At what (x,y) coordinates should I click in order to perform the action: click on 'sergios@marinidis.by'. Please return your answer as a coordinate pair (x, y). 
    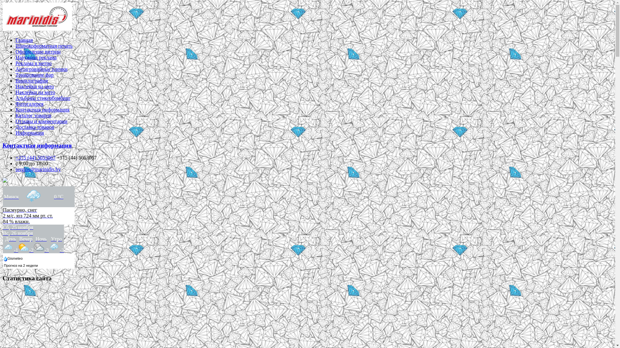
    Looking at the image, I should click on (38, 169).